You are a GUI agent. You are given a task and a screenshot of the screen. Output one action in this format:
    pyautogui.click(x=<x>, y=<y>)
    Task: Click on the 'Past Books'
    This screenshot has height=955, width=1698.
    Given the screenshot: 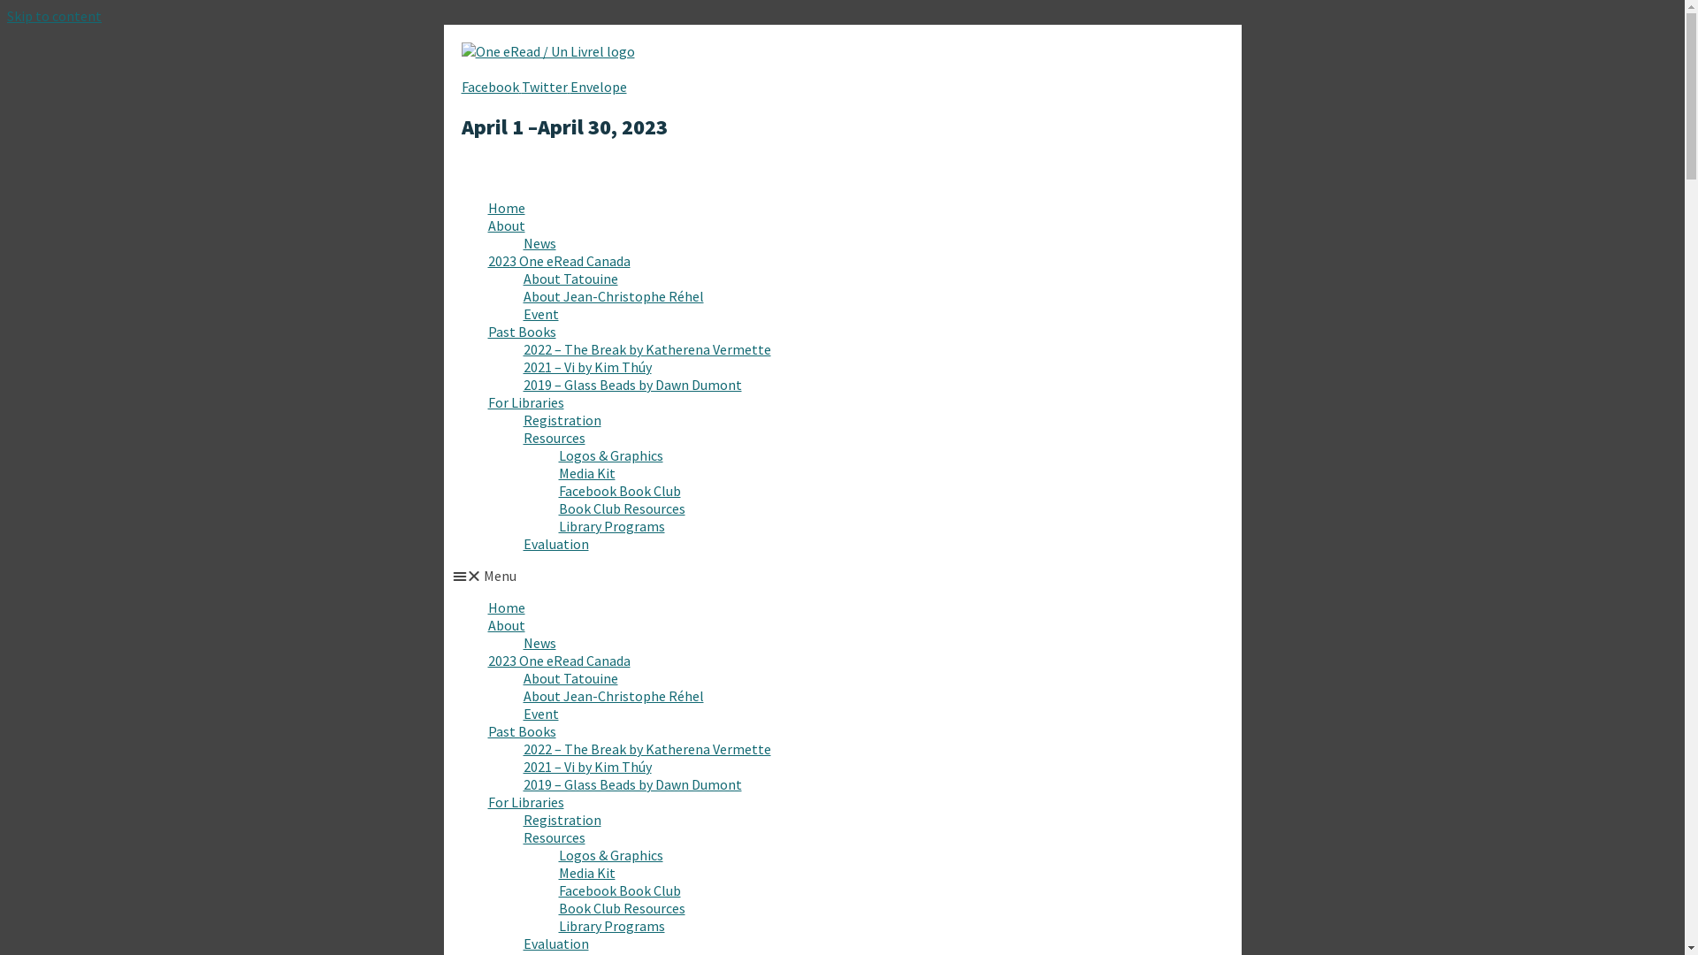 What is the action you would take?
    pyautogui.click(x=521, y=730)
    